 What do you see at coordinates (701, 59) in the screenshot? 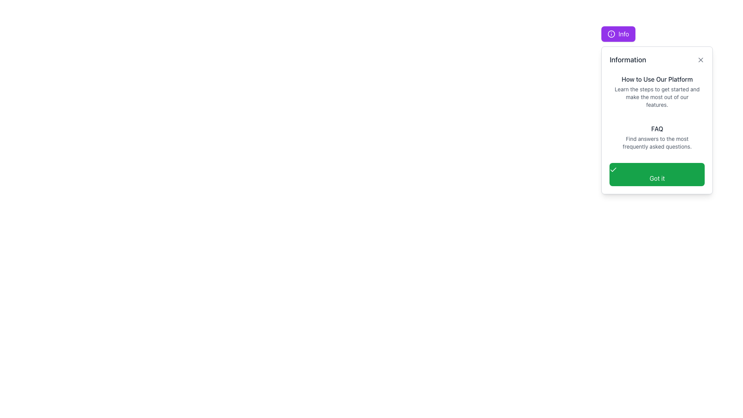
I see `the close button icon located in the top-right corner of the 'Information' popup` at bounding box center [701, 59].